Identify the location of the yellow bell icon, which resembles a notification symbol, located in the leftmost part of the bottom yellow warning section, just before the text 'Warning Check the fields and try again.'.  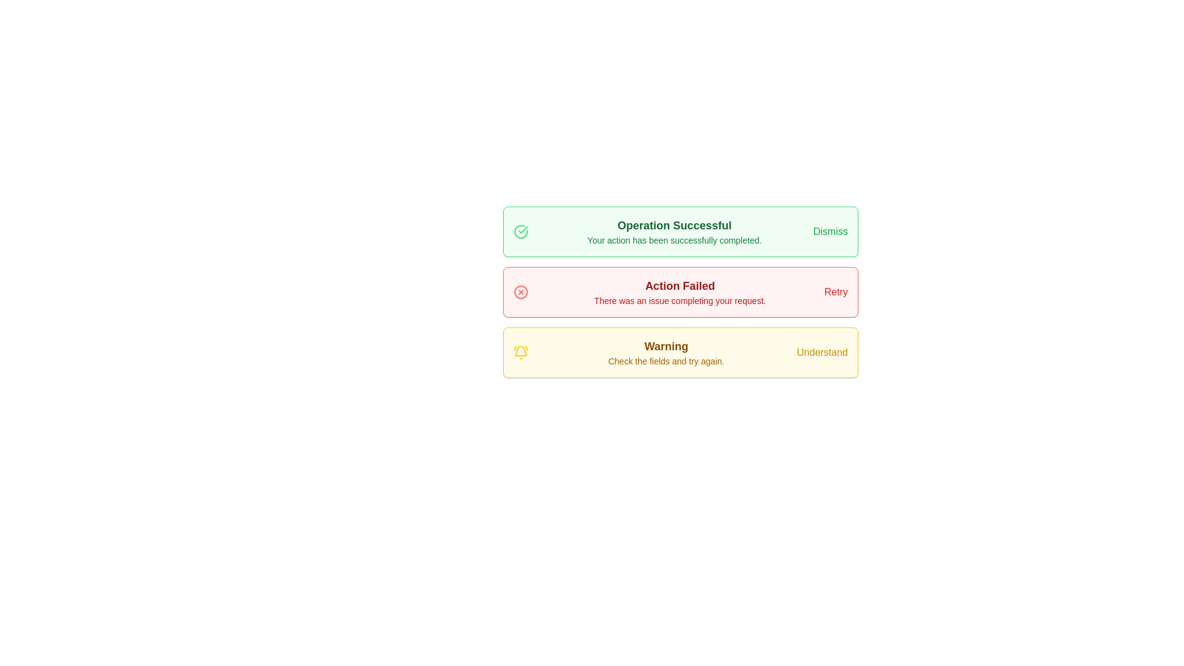
(520, 352).